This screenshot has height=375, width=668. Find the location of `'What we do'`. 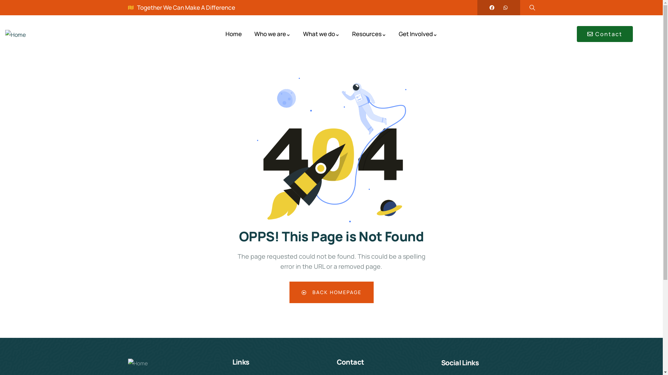

'What we do' is located at coordinates (321, 34).